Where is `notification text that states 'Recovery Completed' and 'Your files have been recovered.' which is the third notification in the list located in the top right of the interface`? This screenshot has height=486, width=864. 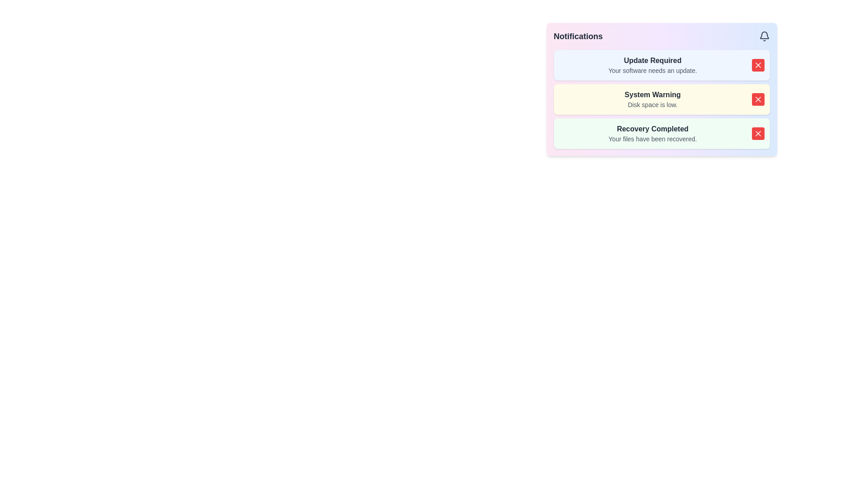
notification text that states 'Recovery Completed' and 'Your files have been recovered.' which is the third notification in the list located in the top right of the interface is located at coordinates (652, 134).